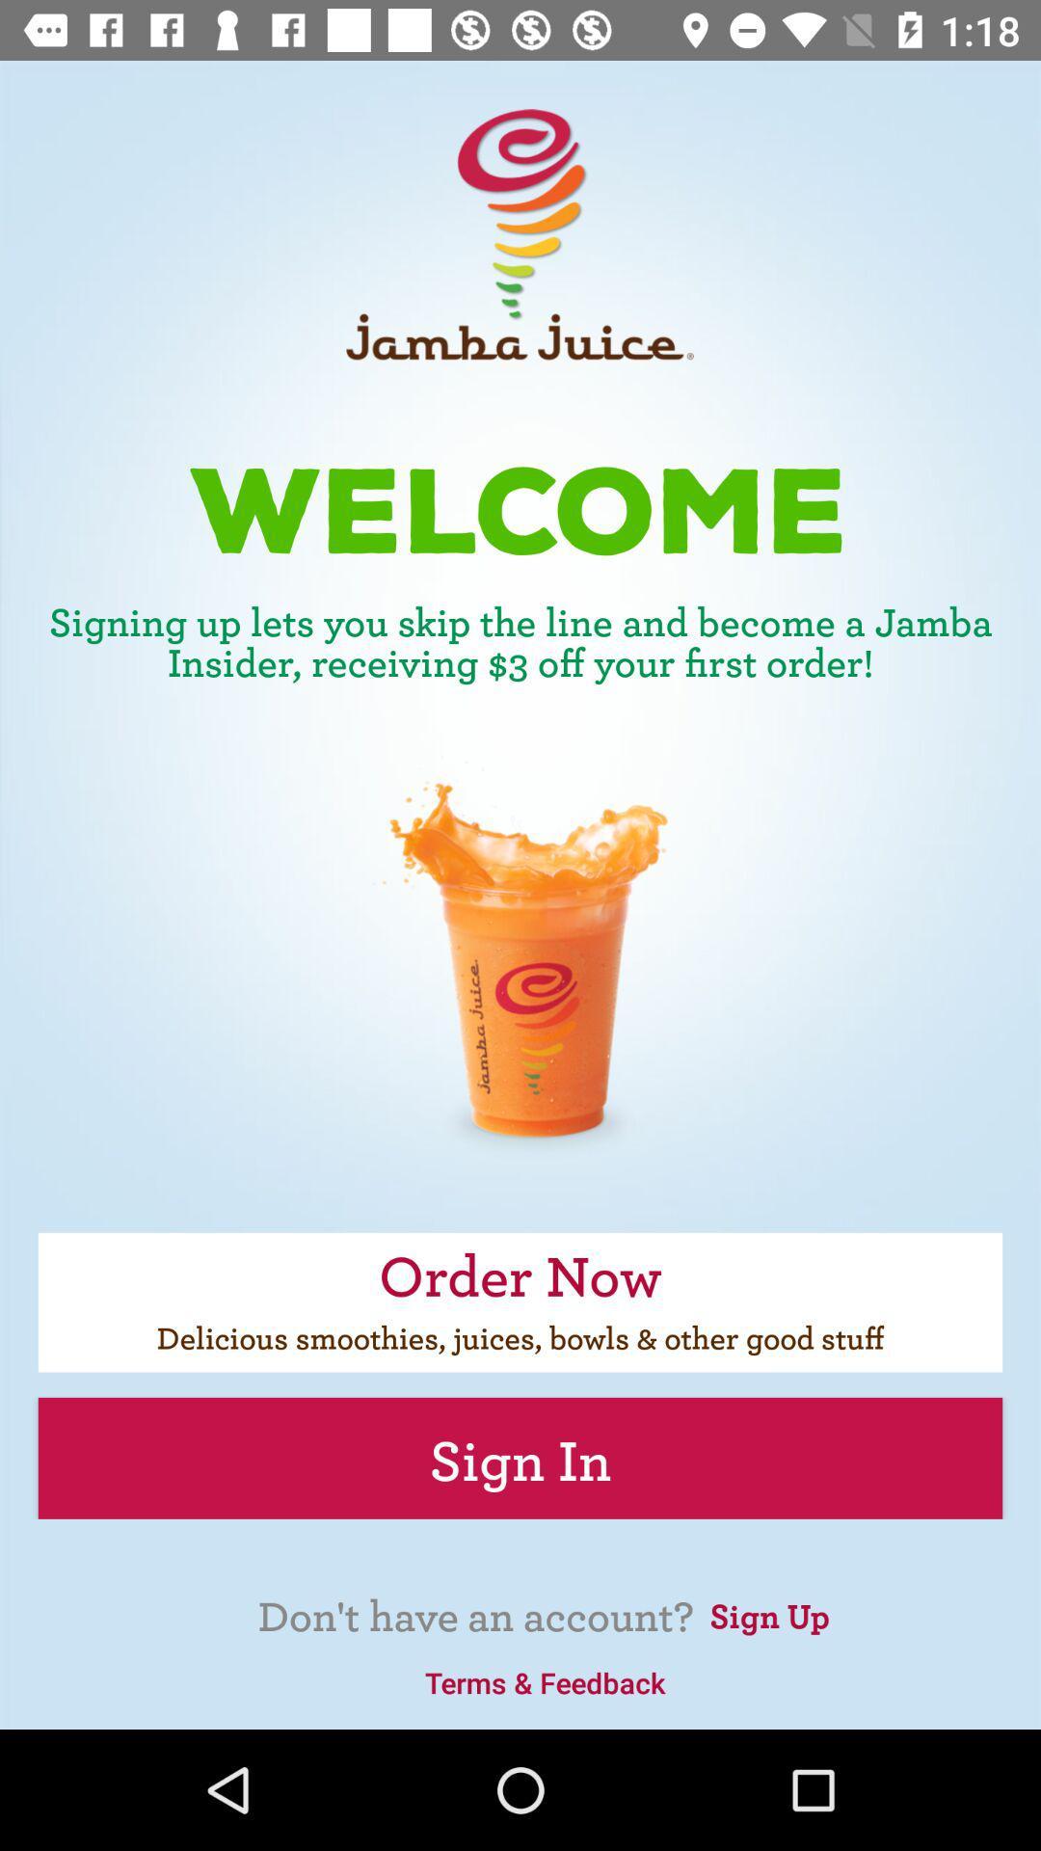  Describe the element at coordinates (545, 1681) in the screenshot. I see `the item below don t have` at that location.